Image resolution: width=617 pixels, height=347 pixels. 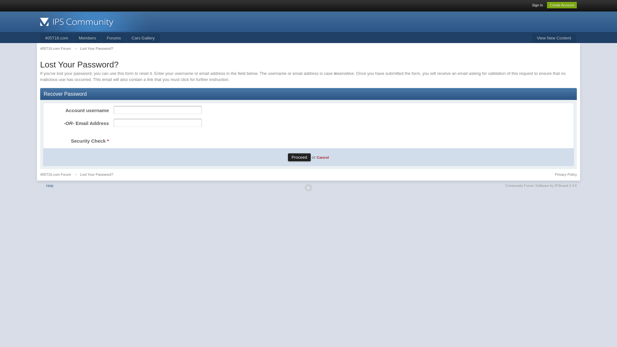 What do you see at coordinates (553, 38) in the screenshot?
I see `'View New Content'` at bounding box center [553, 38].